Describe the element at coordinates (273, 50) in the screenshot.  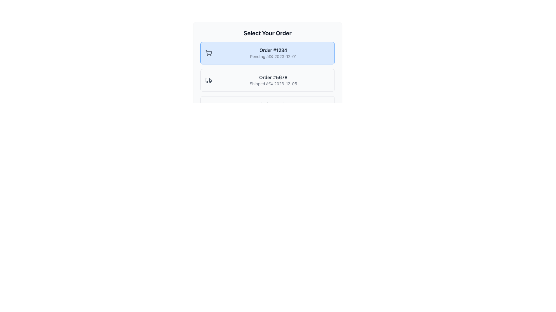
I see `the text label displaying 'Order #1234'` at that location.